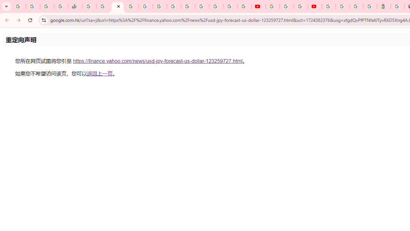 Image resolution: width=410 pixels, height=231 pixels. Describe the element at coordinates (258, 6) in the screenshot. I see `'YouTube'` at that location.